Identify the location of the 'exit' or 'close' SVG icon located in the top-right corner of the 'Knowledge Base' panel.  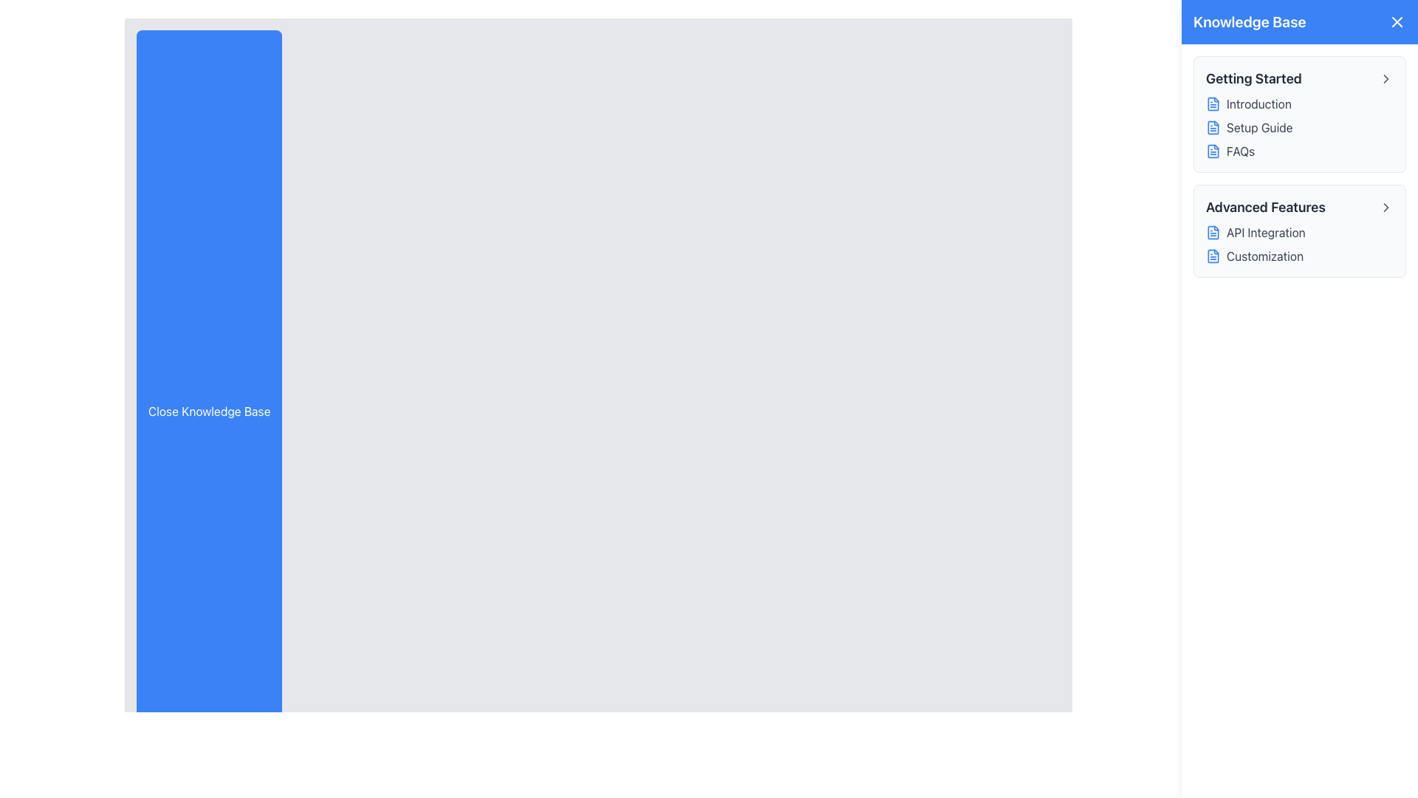
(1396, 22).